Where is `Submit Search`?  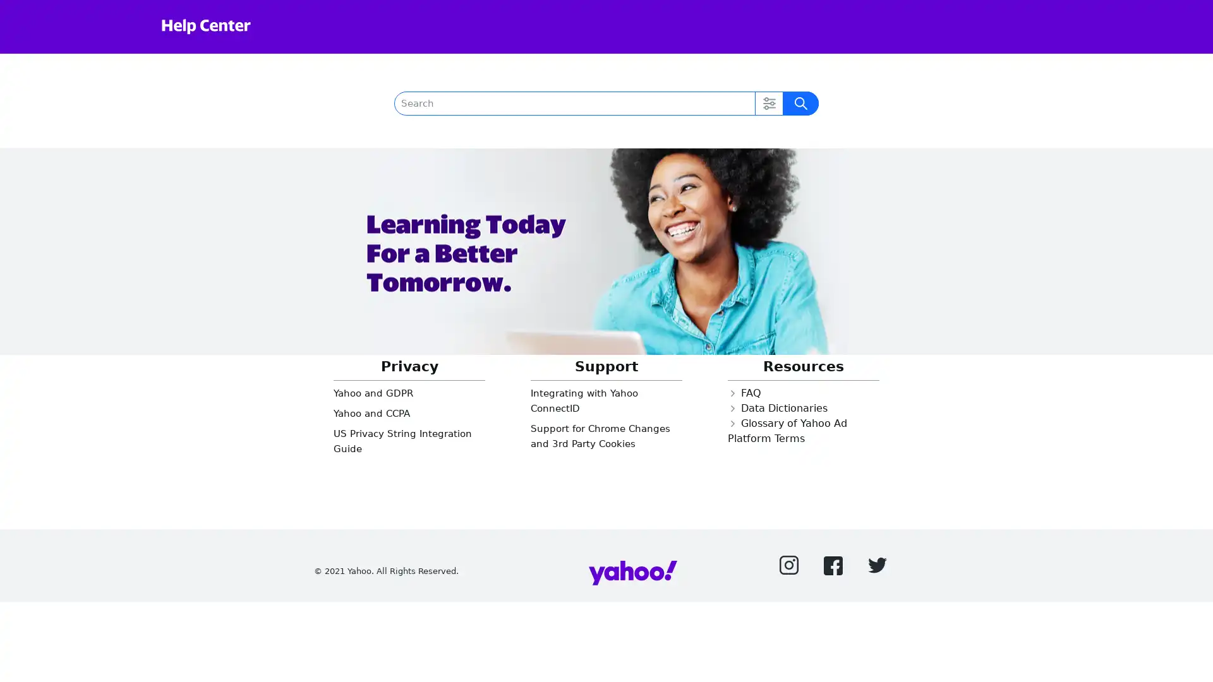 Submit Search is located at coordinates (800, 102).